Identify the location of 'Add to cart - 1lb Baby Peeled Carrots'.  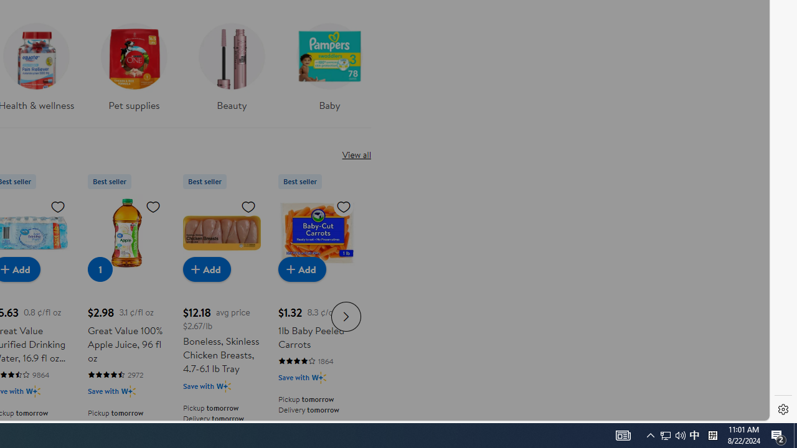
(302, 268).